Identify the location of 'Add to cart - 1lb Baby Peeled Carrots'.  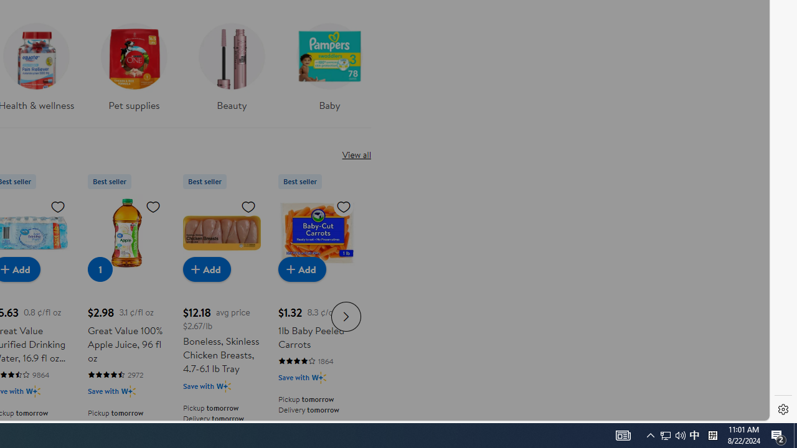
(302, 268).